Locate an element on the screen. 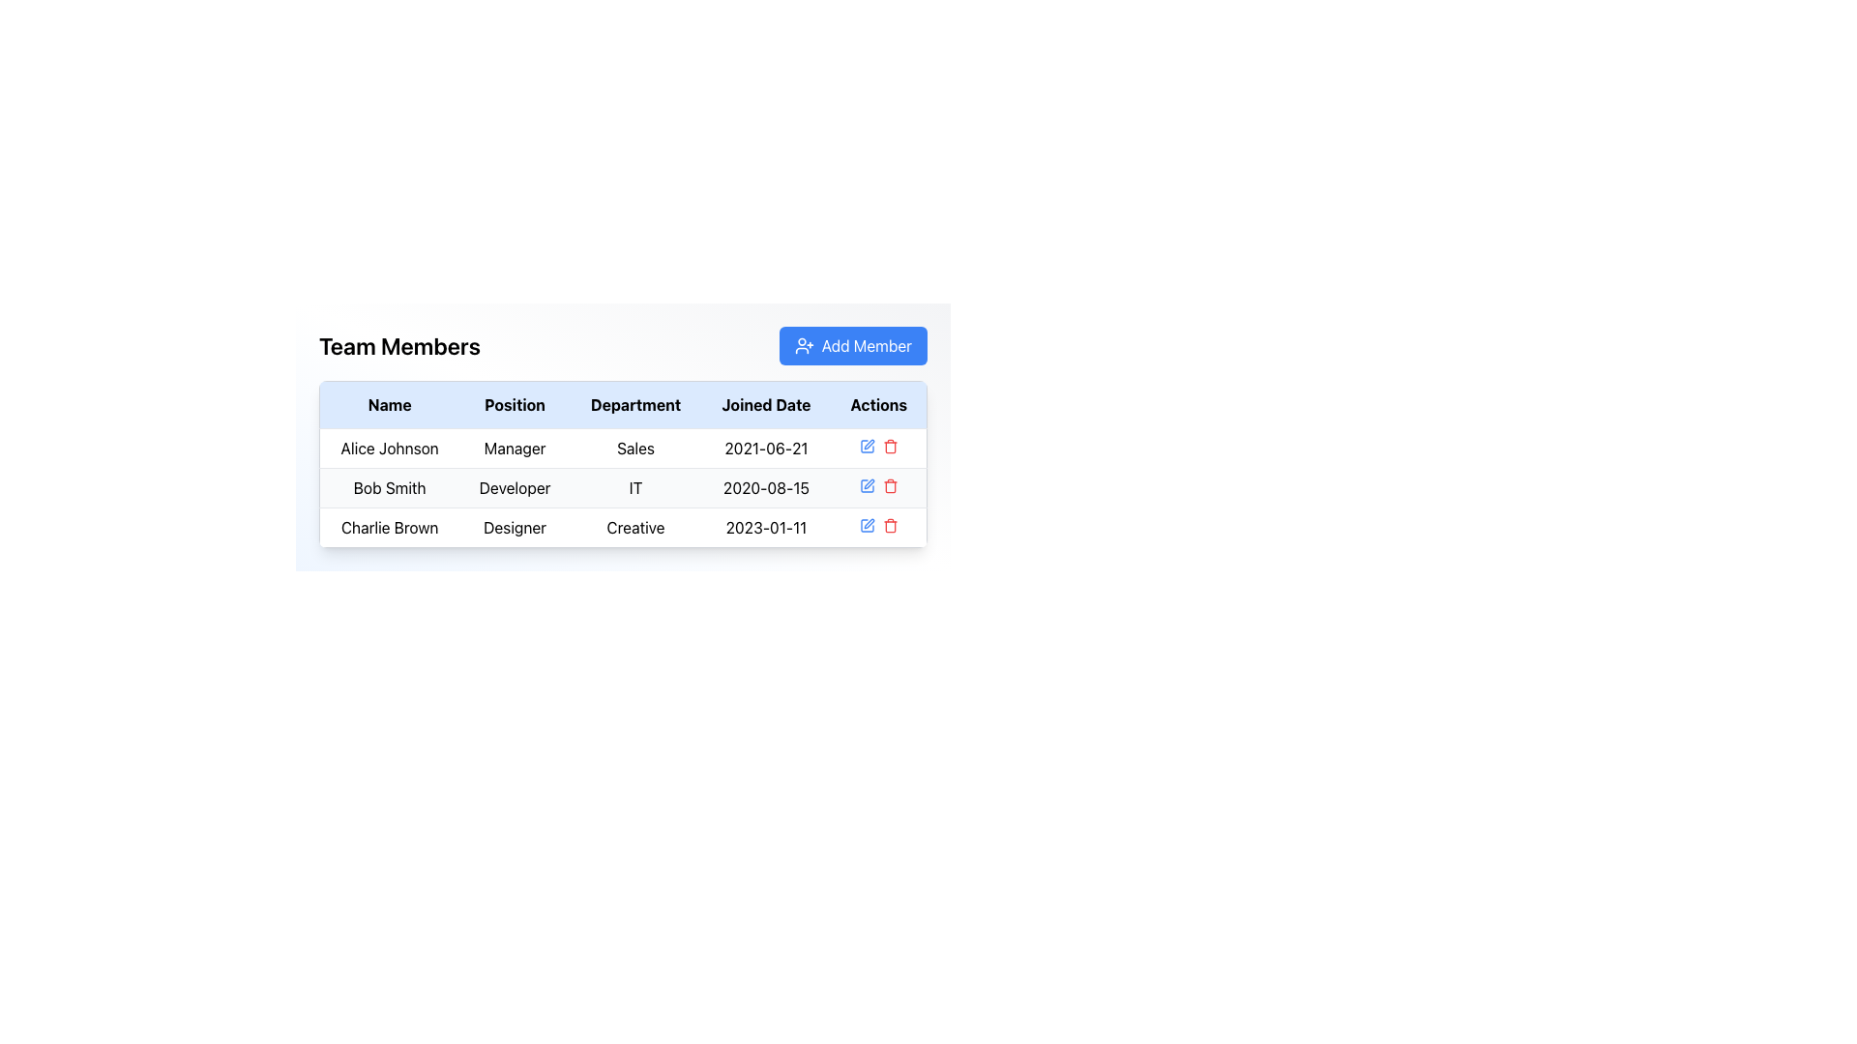 This screenshot has width=1857, height=1044. the 'Add Member' icon, which represents the action of adding a new user, located to the left of the text within the button in the top-right corner of the interface is located at coordinates (804, 345).